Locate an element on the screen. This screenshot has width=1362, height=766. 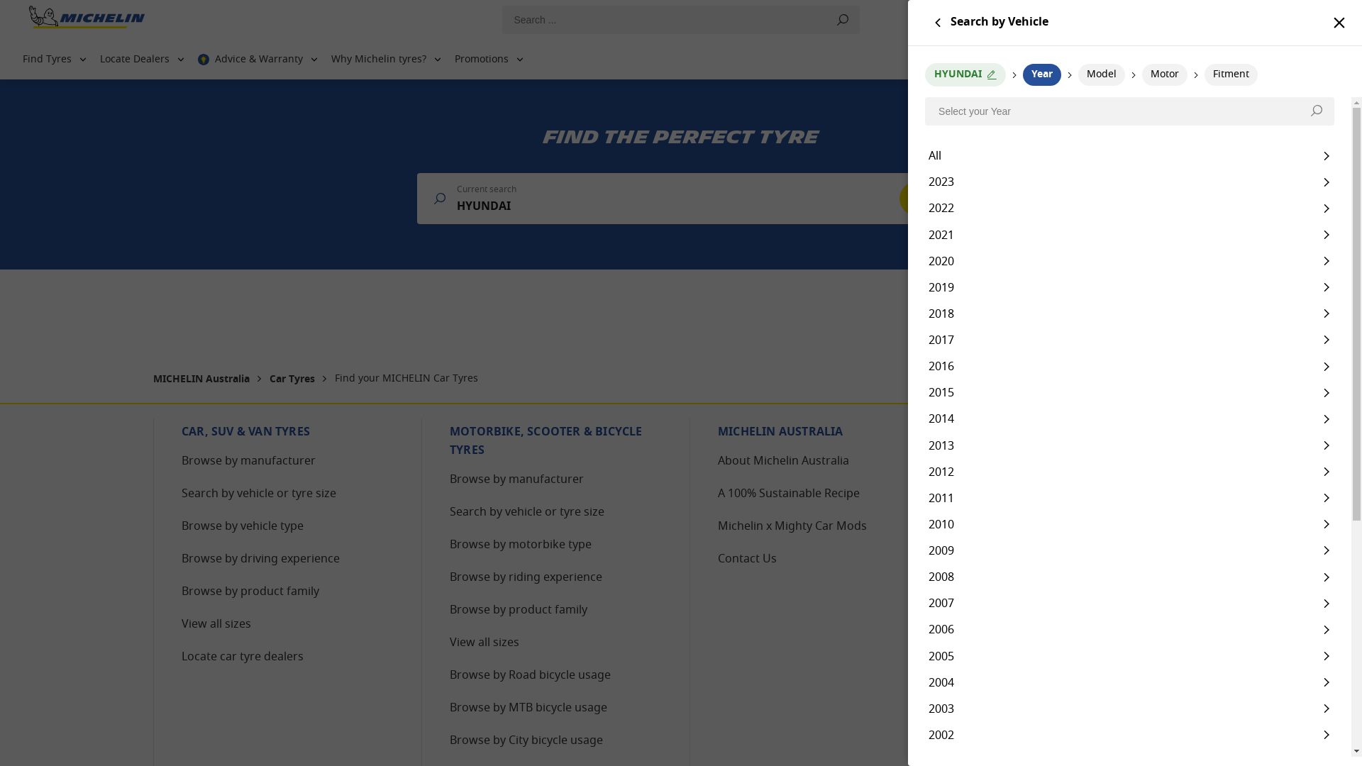
'About Michelin Australia' is located at coordinates (782, 462).